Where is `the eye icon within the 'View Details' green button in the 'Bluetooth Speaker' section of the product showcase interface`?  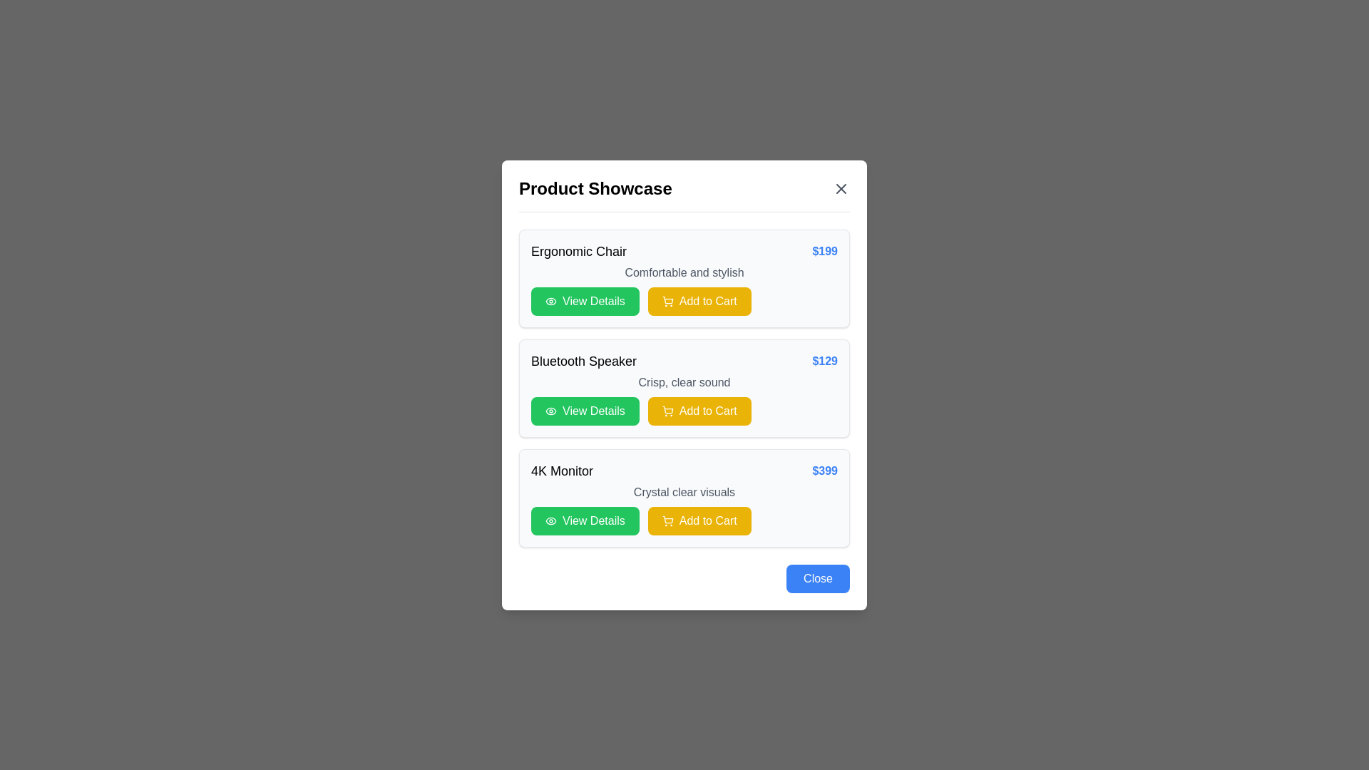
the eye icon within the 'View Details' green button in the 'Bluetooth Speaker' section of the product showcase interface is located at coordinates (550, 299).